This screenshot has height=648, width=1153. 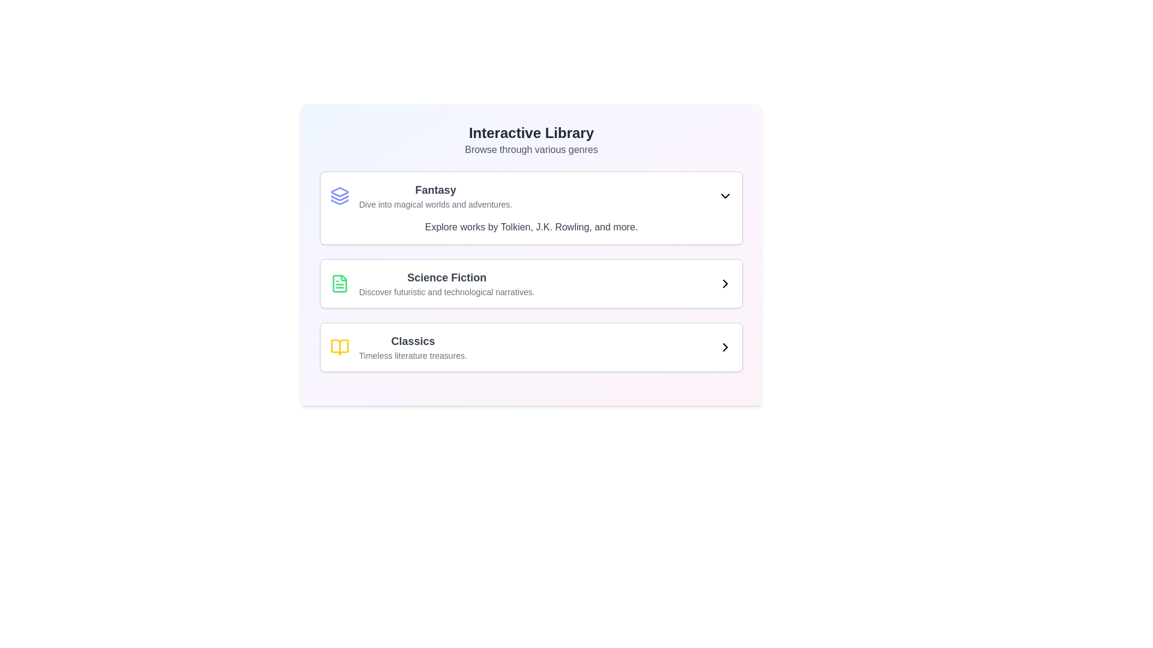 I want to click on the descriptive subtitle text located below the title 'Fantasy' in the first card section of the interface, so click(x=530, y=227).